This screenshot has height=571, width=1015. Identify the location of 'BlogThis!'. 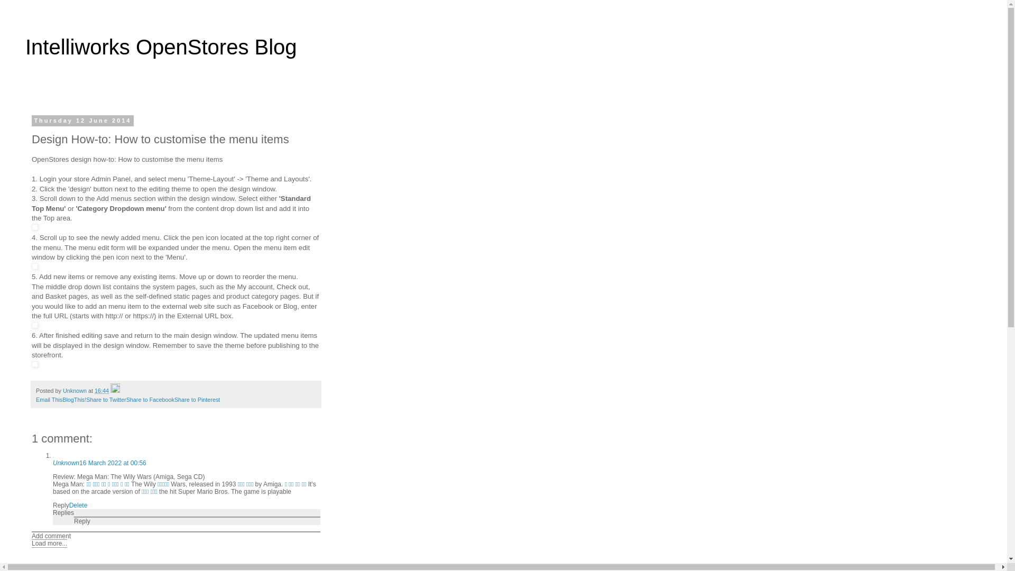
(62, 400).